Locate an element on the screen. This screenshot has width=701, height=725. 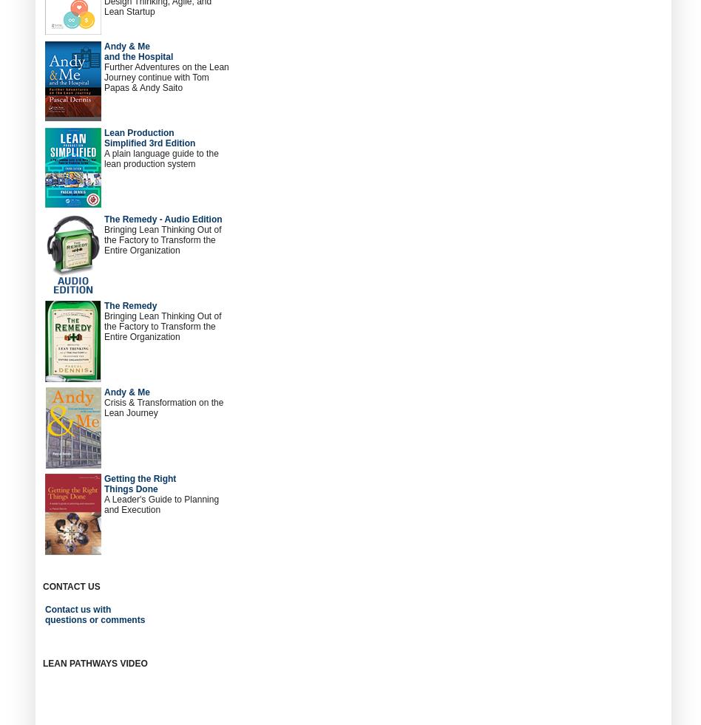
'CONTACT US' is located at coordinates (71, 587).